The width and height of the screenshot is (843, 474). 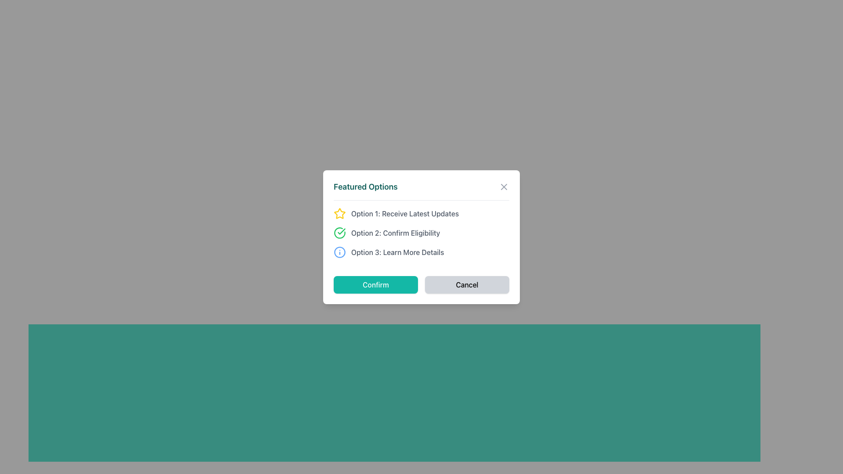 What do you see at coordinates (375, 284) in the screenshot?
I see `the confirmation button located on the left side of the modal dialog to confirm the user's current selection or action` at bounding box center [375, 284].